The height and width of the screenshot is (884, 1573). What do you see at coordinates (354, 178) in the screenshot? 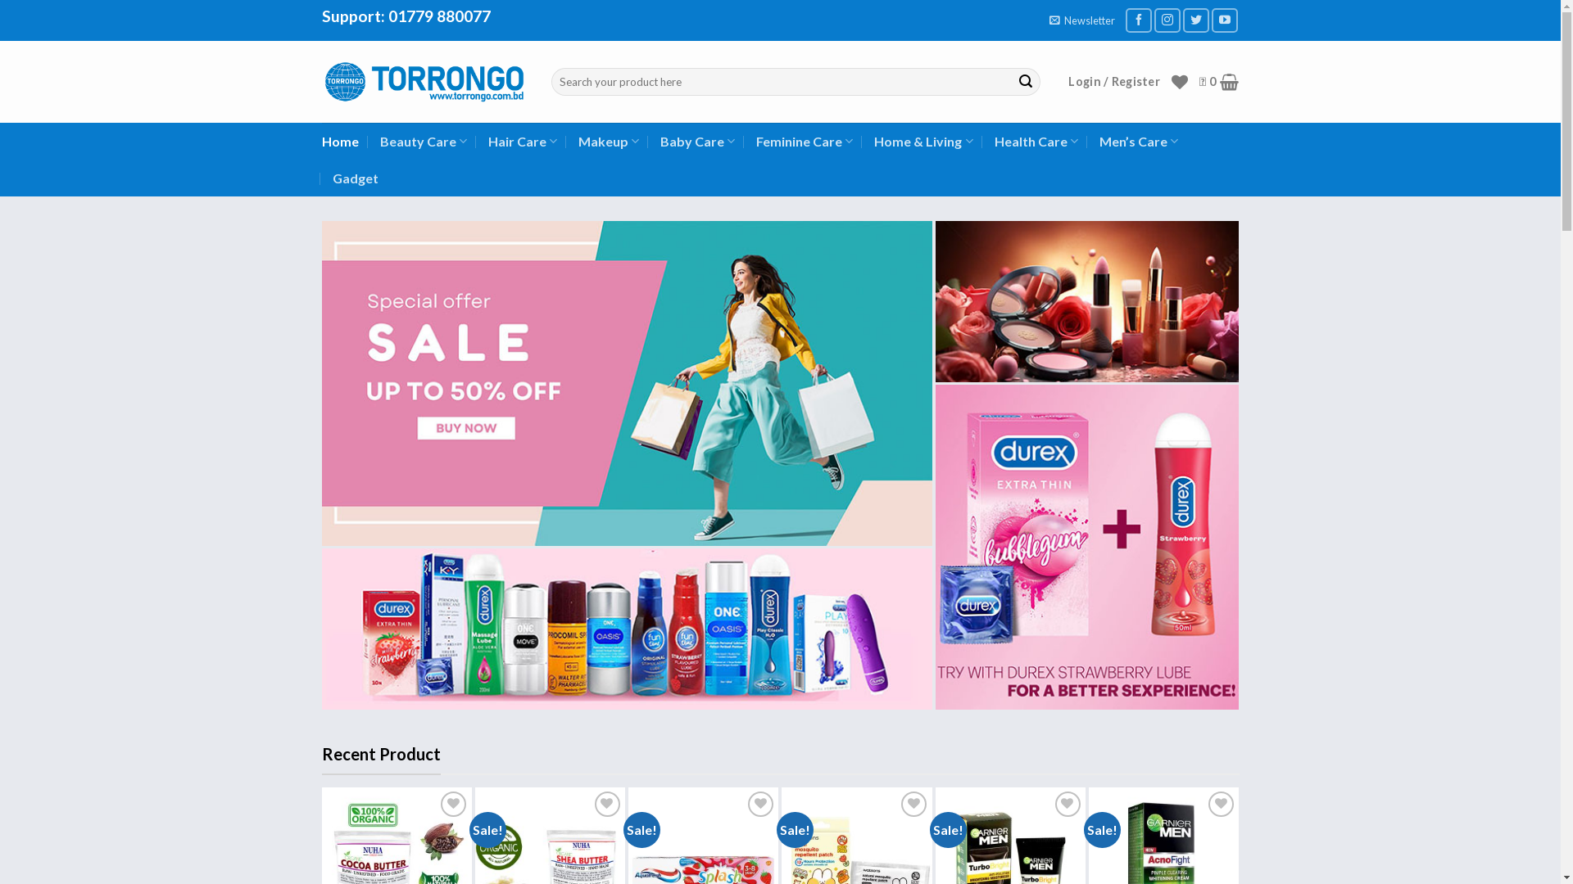
I see `'Gadget'` at bounding box center [354, 178].